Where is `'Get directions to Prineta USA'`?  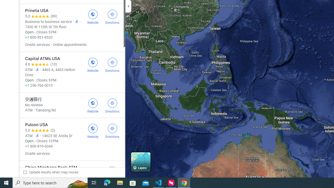 'Get directions to Prineta USA' is located at coordinates (112, 16).